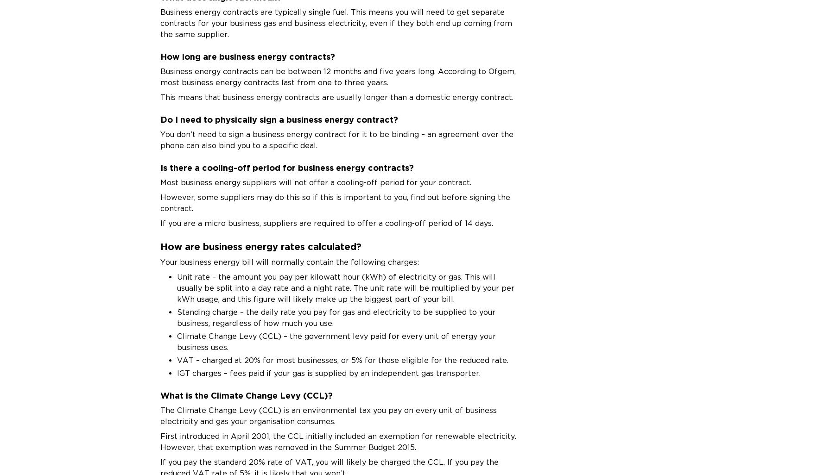  Describe the element at coordinates (246, 395) in the screenshot. I see `'What is the Climate Change Levy (CCL)?'` at that location.